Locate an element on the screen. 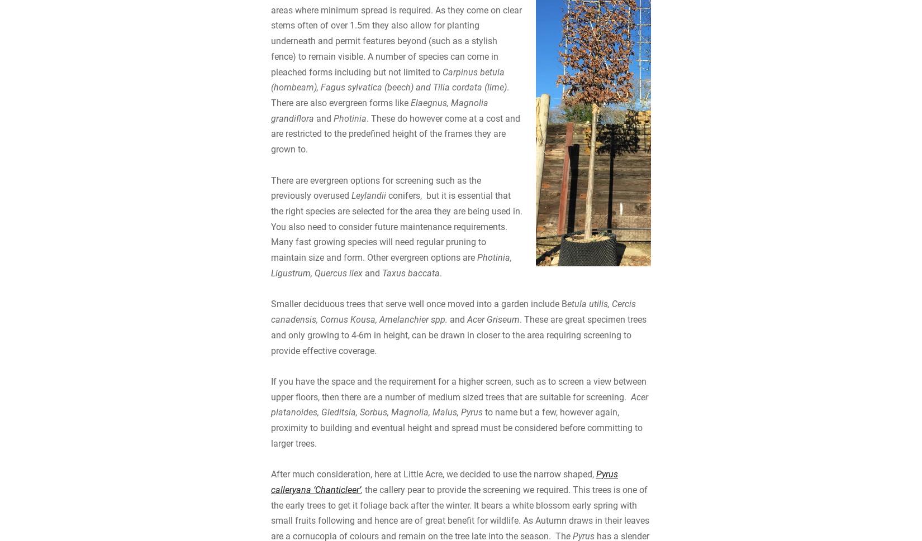 The width and height of the screenshot is (922, 541). 'If you don’t need great height coverage, pleached trees are regularly used to provide a stylish, contemporary feel. Pleached trees are trees that are trained over a frame and are fantastic for areas where minimum spread is required. As they come on clear stems often of over 1.5m they also allow for planting underneath and permit features beyond (such as a stylish fence) to remain visible. A number of species can come in pleached forms including but not limited to' is located at coordinates (270, 109).